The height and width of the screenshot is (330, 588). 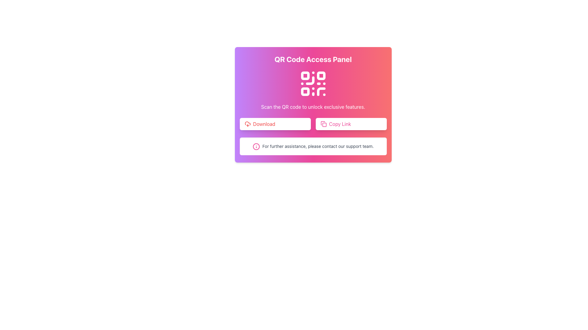 I want to click on the circular icon with a pink outline located to the left of the text 'For further assistance, please contact our support team.', so click(x=256, y=146).